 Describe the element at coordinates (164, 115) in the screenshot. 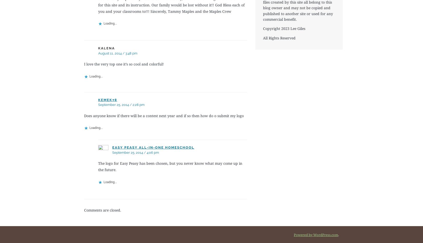

I see `'Does anyone know if there will be a contest next year and if so then how do o submit my logo'` at that location.